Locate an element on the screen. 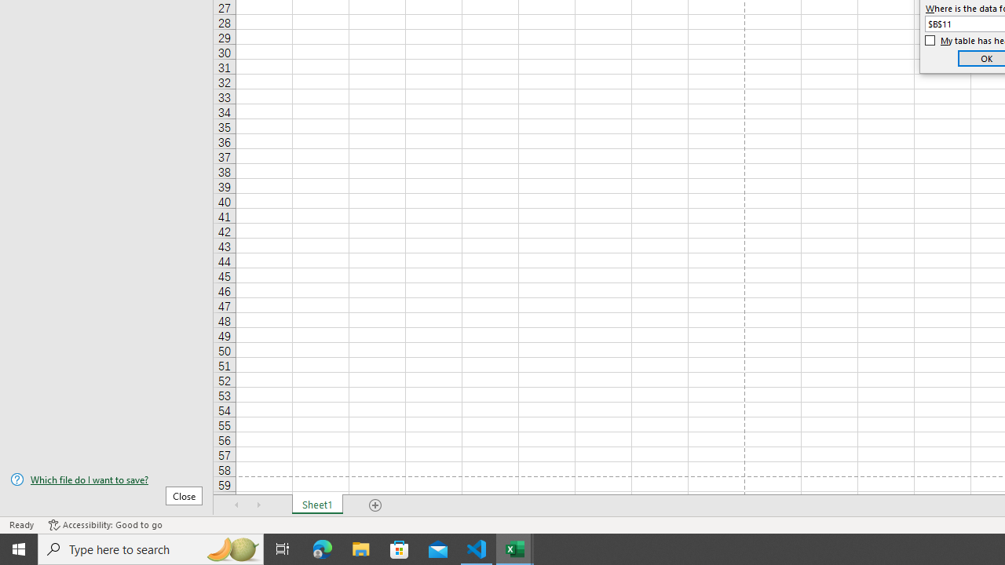 Image resolution: width=1005 pixels, height=565 pixels. 'Accessibility Checker Accessibility: Good to go' is located at coordinates (104, 525).